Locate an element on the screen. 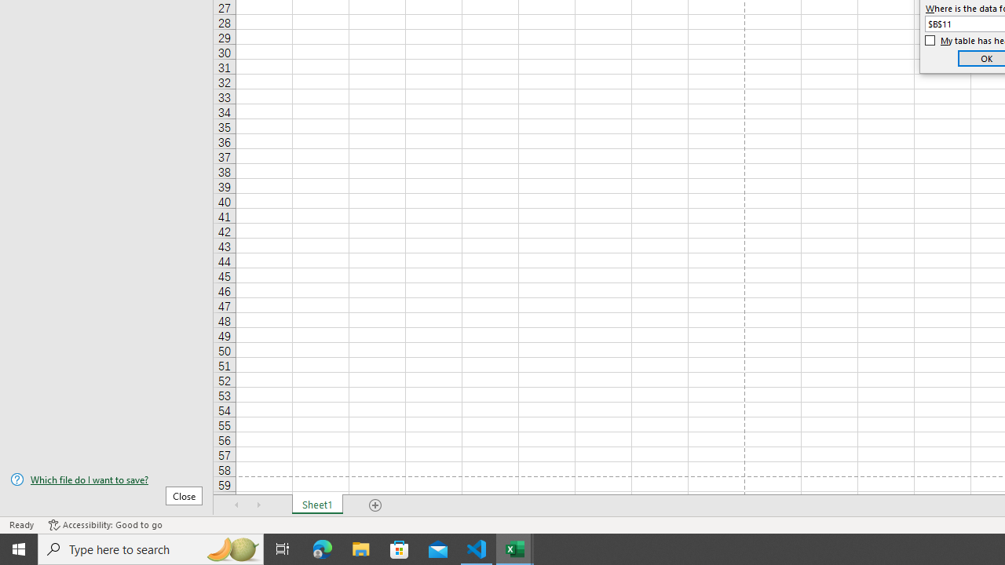 Image resolution: width=1005 pixels, height=565 pixels. 'Accessibility Checker Accessibility: Good to go' is located at coordinates (104, 525).